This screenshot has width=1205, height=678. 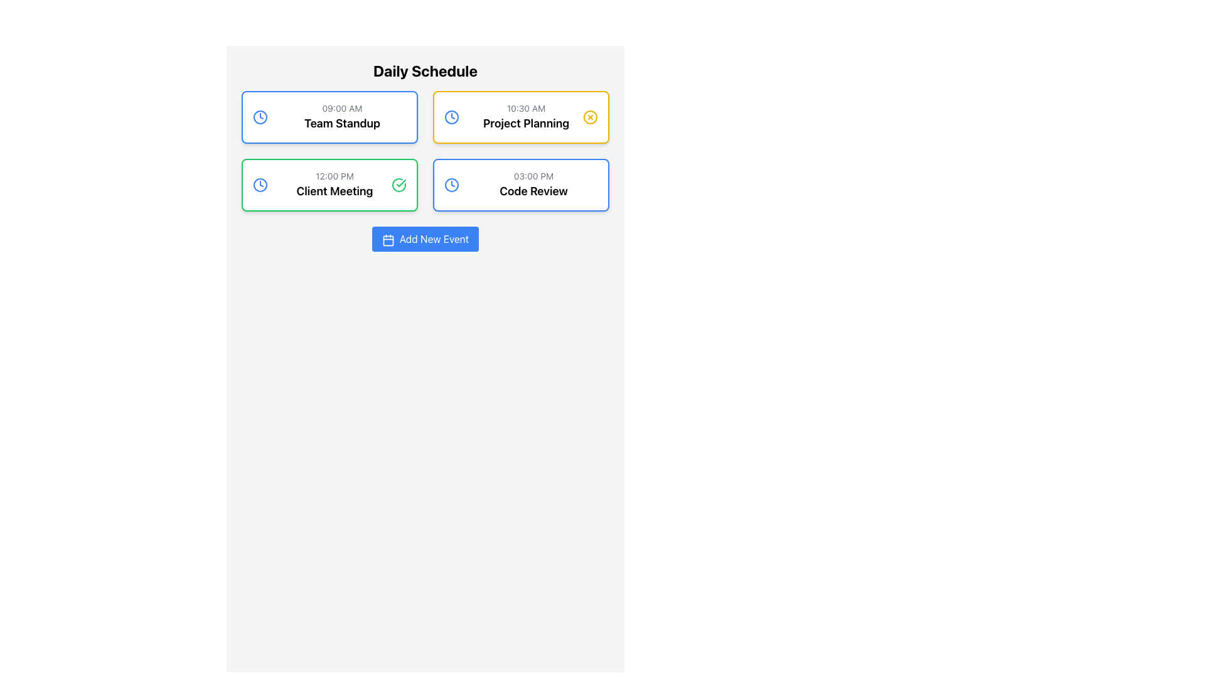 I want to click on the composite UI component displaying the time '09:00 AM' and event name 'Team Standup', which features a blue clock icon and a white background with rounded corners, so click(x=329, y=117).